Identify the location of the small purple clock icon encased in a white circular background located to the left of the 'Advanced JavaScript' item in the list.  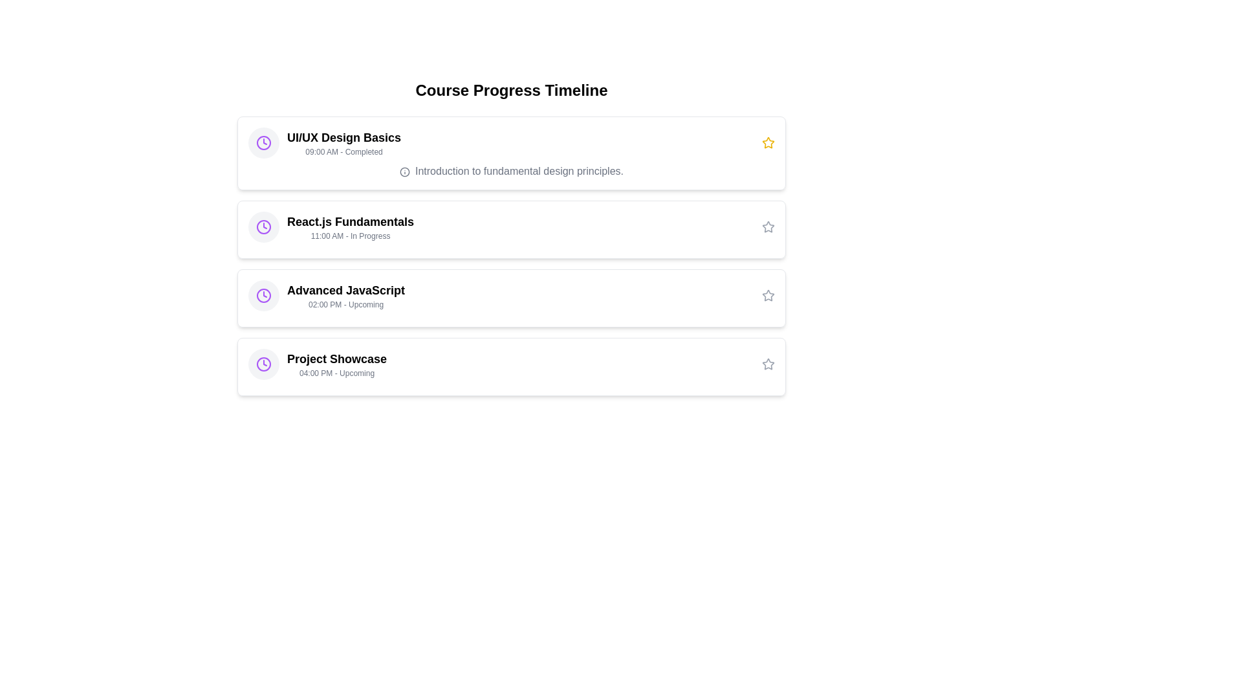
(263, 295).